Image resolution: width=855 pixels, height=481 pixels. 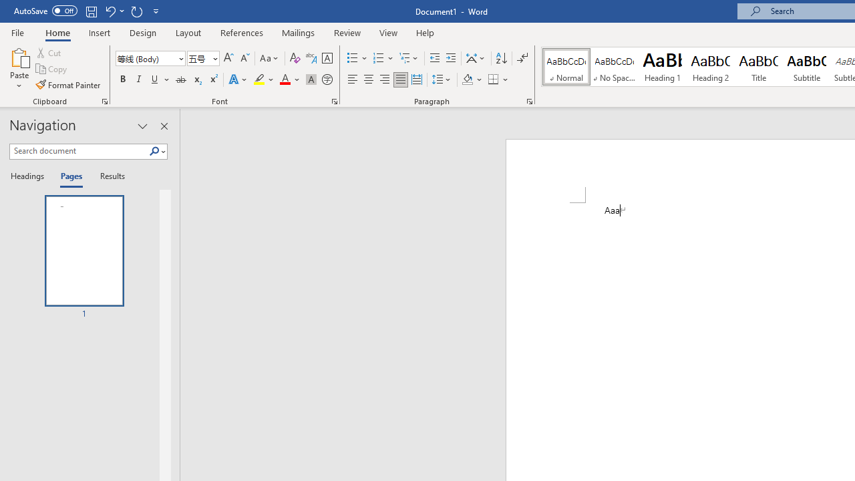 I want to click on 'Character Border', so click(x=327, y=57).